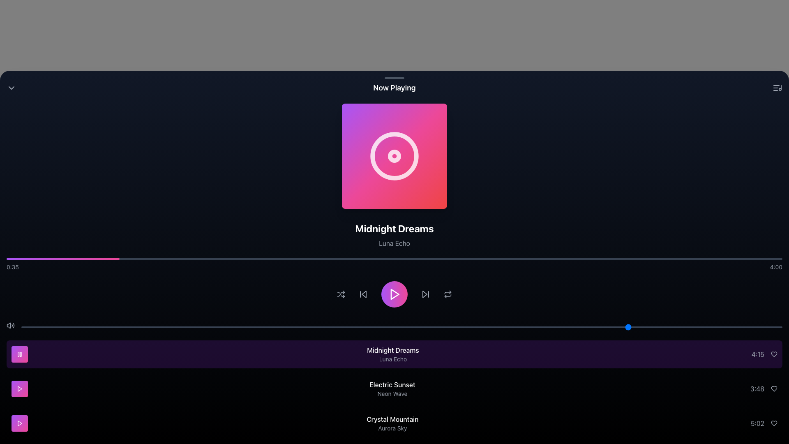  I want to click on the Text Display element that shows 'Midnight Dreams' in bold and 'Luna Echo' in smaller gray text, located near the center of the interface, so click(394, 235).